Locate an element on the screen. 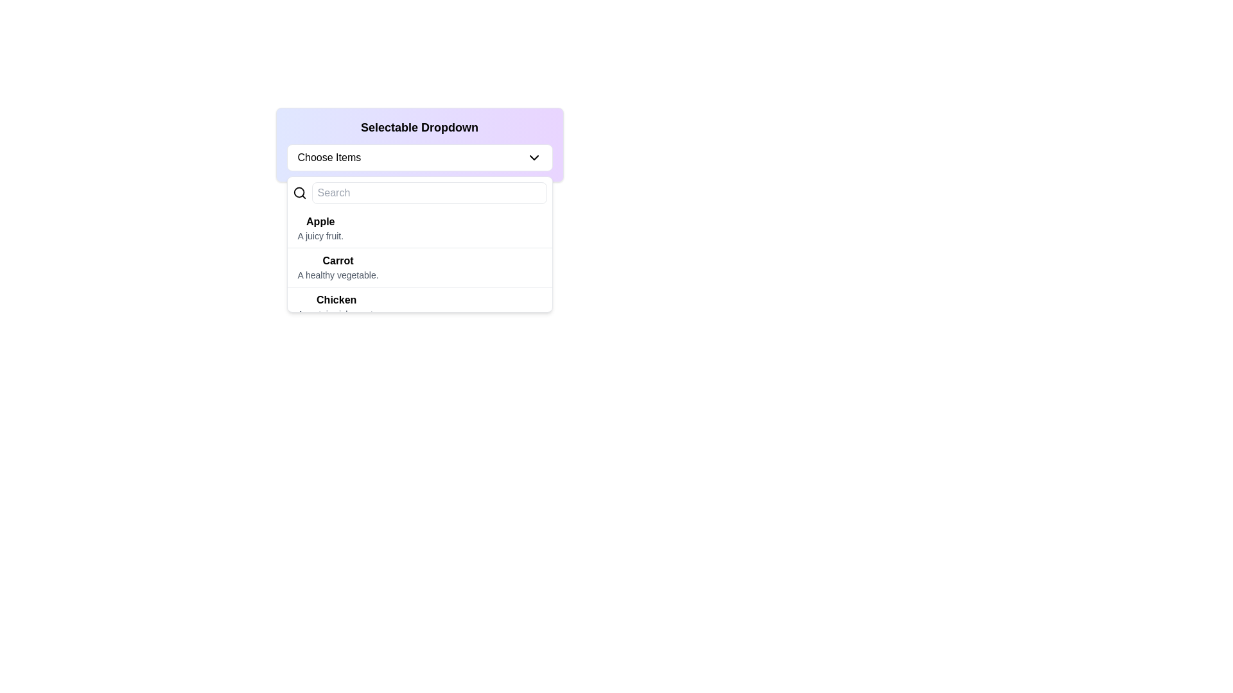 The width and height of the screenshot is (1233, 693). the dropdown menu list item displaying 'Carrot' in bold with the description 'A healthy vegetable.' is located at coordinates (338, 266).